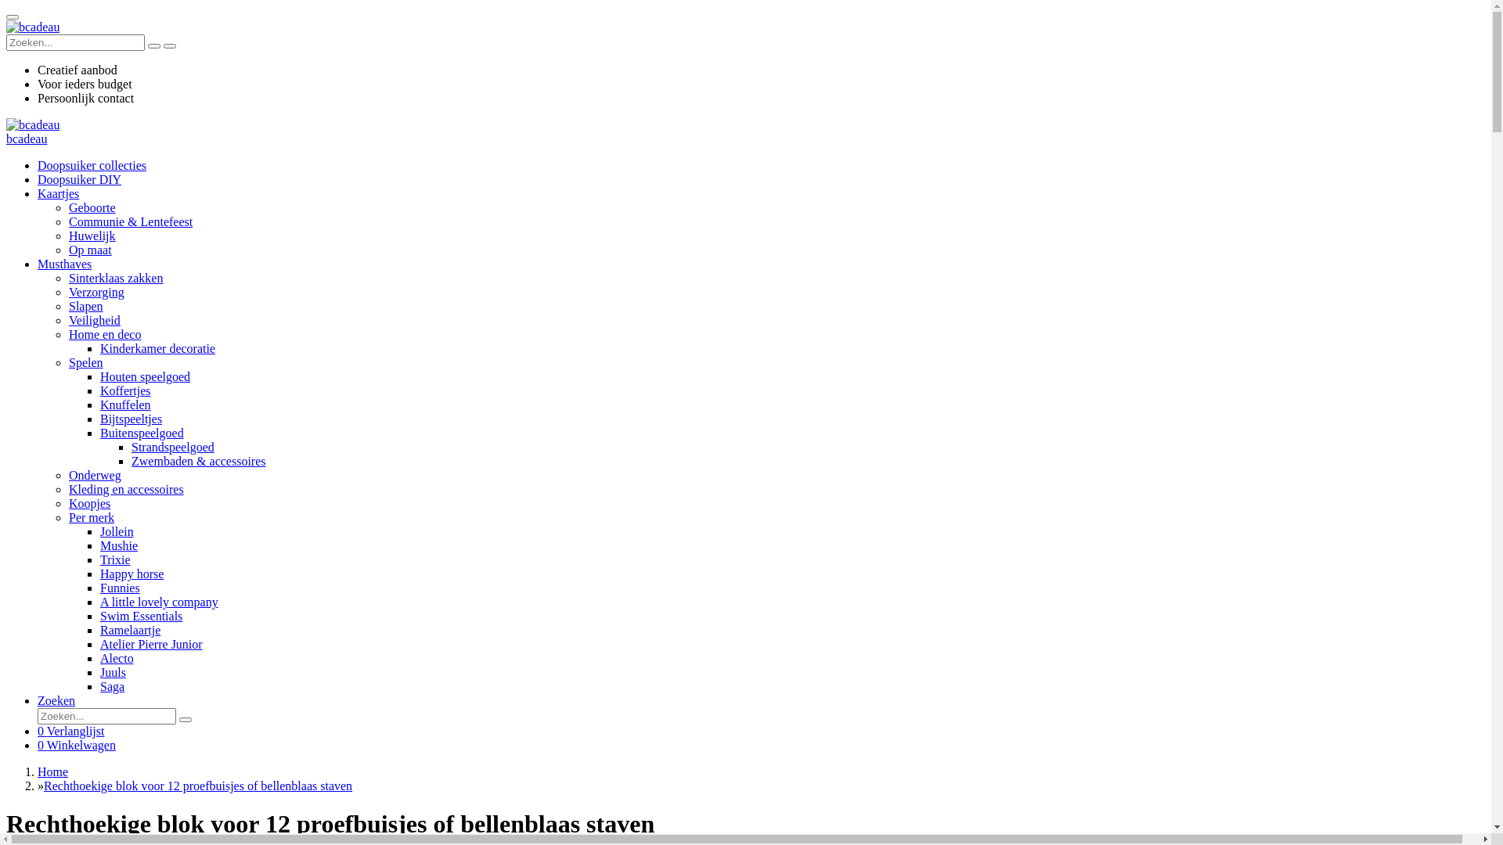 The height and width of the screenshot is (845, 1503). Describe the element at coordinates (70, 731) in the screenshot. I see `'0 Verlanglijst'` at that location.